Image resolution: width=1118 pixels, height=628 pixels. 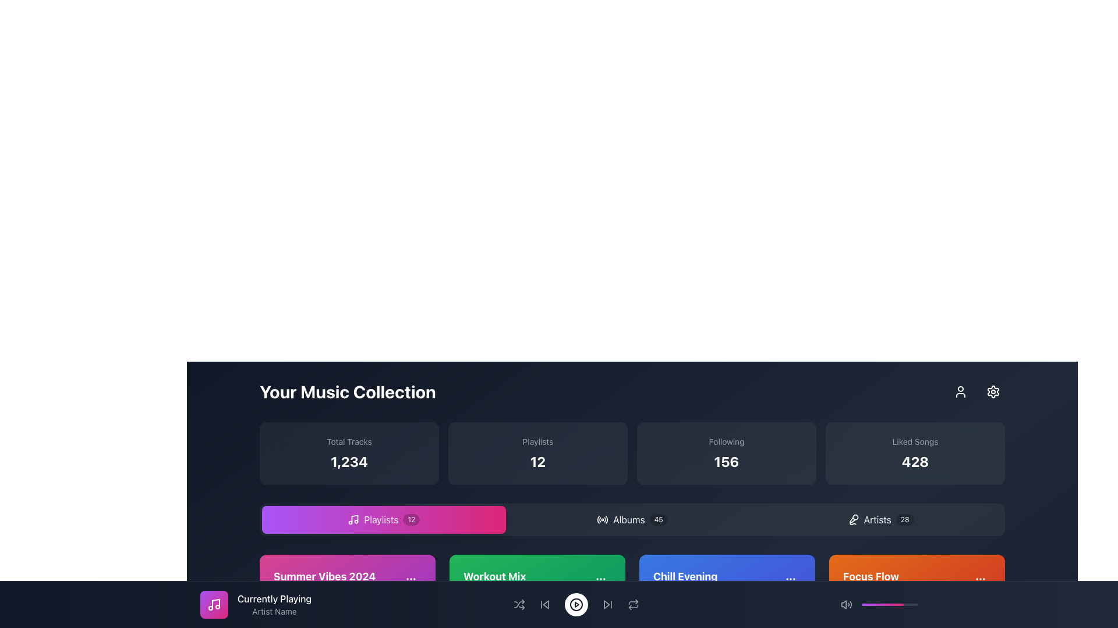 What do you see at coordinates (411, 579) in the screenshot?
I see `the Ellipsis menu button, which consists of three vertically aligned dots` at bounding box center [411, 579].